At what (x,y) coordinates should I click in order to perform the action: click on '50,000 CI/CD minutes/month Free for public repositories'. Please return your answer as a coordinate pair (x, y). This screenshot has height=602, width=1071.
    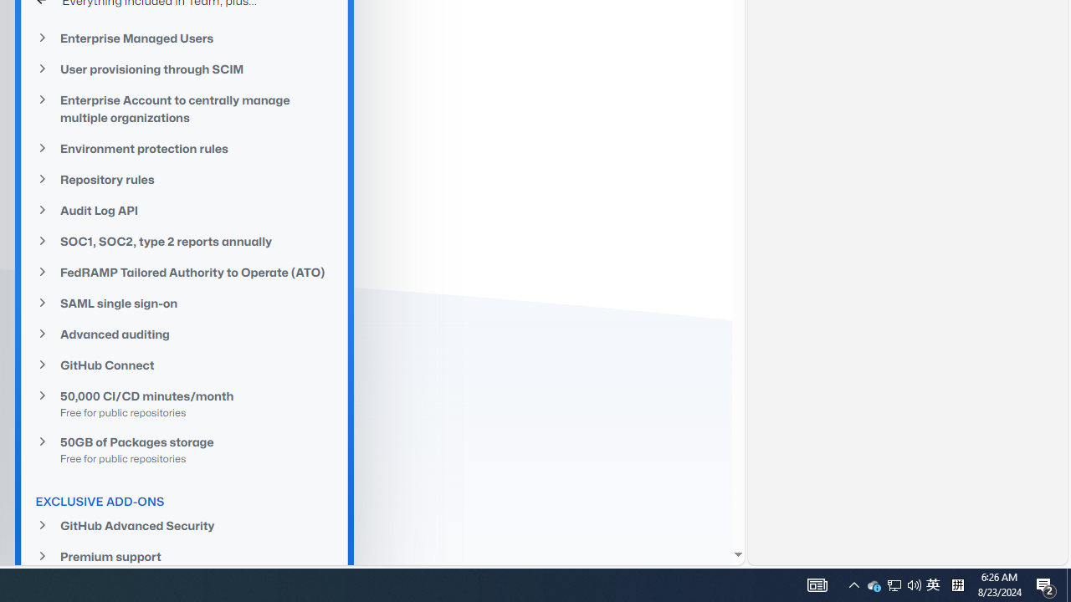
    Looking at the image, I should click on (184, 404).